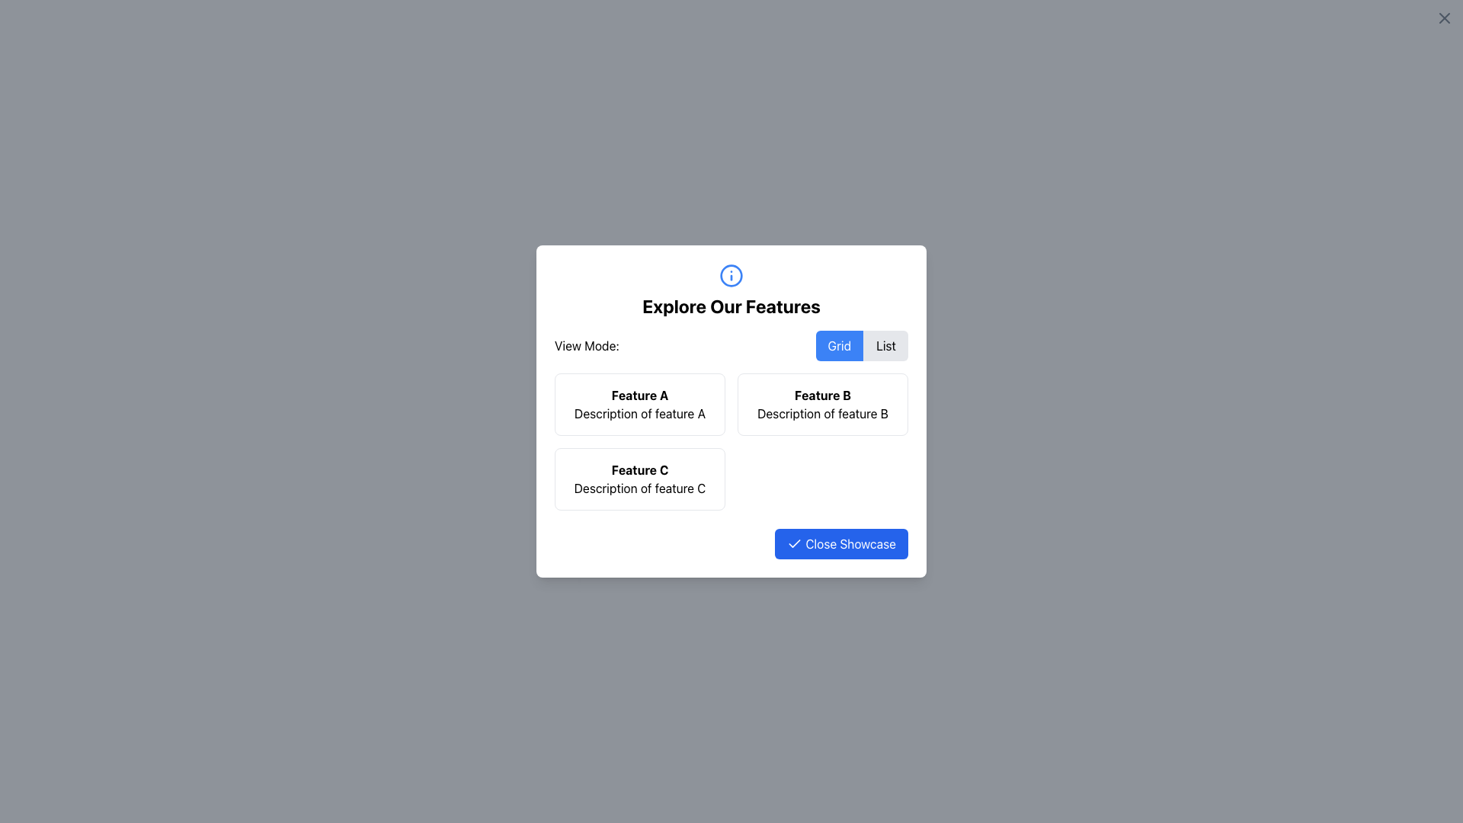 The width and height of the screenshot is (1463, 823). What do you see at coordinates (839, 346) in the screenshot?
I see `the 'Grid' button, which is styled with a blue background and white text, located beneath the header 'Explore Our Features'` at bounding box center [839, 346].